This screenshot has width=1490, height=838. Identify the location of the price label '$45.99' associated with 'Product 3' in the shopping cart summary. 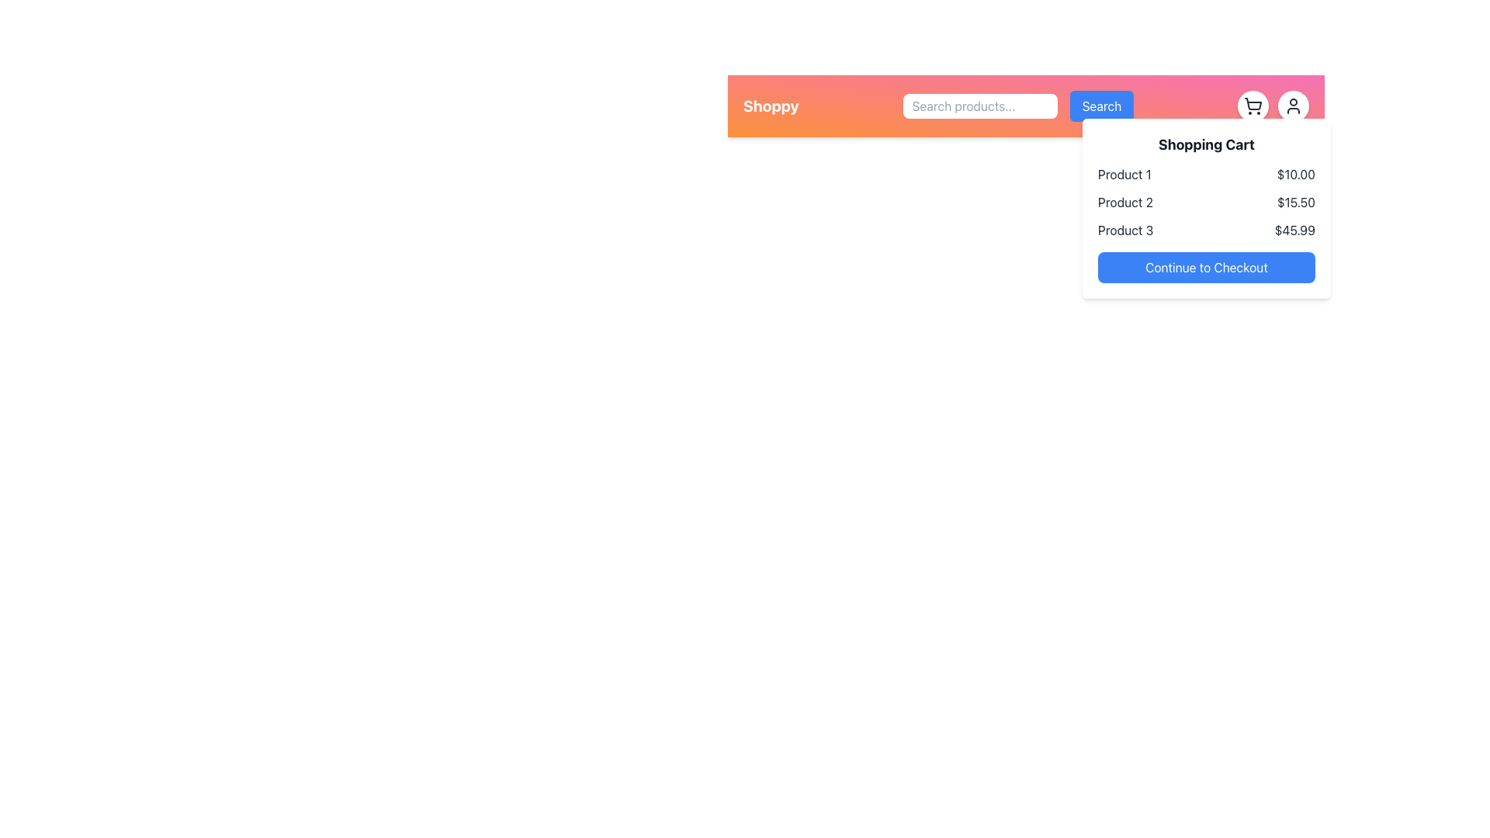
(1294, 230).